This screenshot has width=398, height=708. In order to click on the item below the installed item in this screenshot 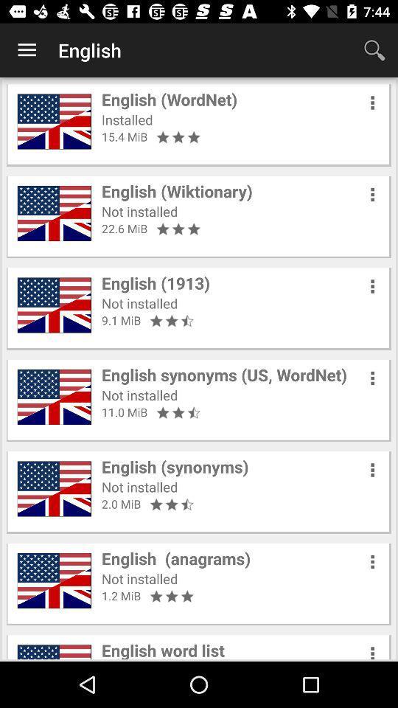, I will do `click(124, 136)`.